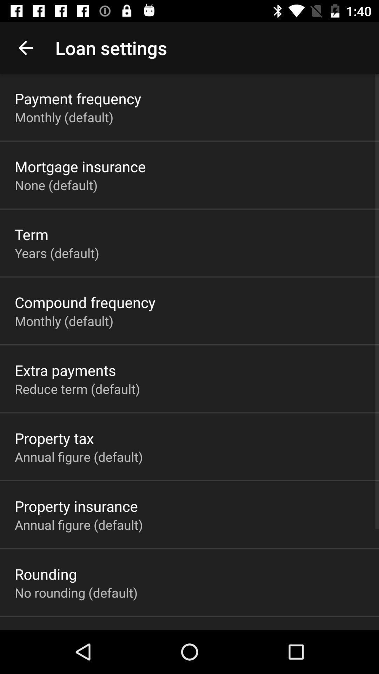 The image size is (379, 674). I want to click on the icon to the left of loan settings icon, so click(25, 47).